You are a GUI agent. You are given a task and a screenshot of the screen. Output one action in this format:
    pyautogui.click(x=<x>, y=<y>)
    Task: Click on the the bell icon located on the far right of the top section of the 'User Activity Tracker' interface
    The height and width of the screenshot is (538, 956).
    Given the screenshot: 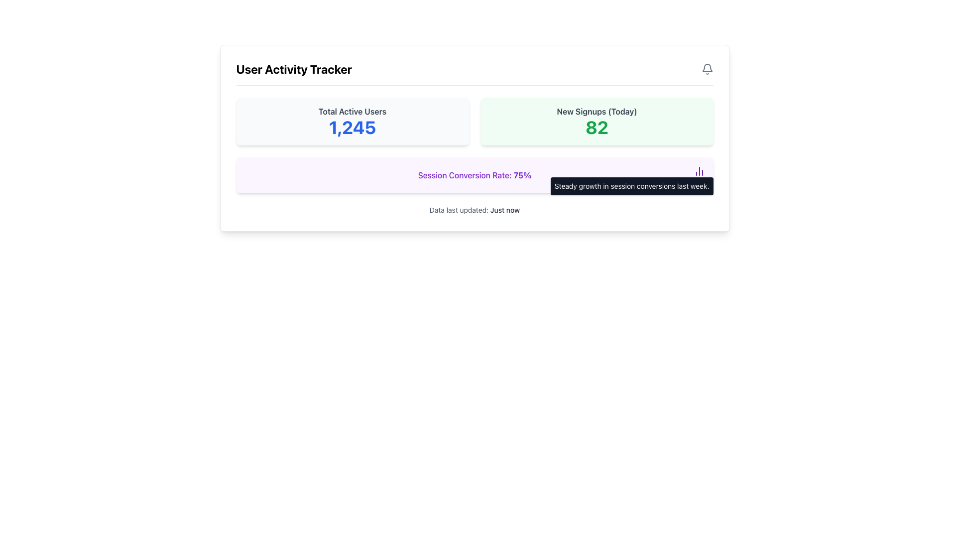 What is the action you would take?
    pyautogui.click(x=707, y=68)
    